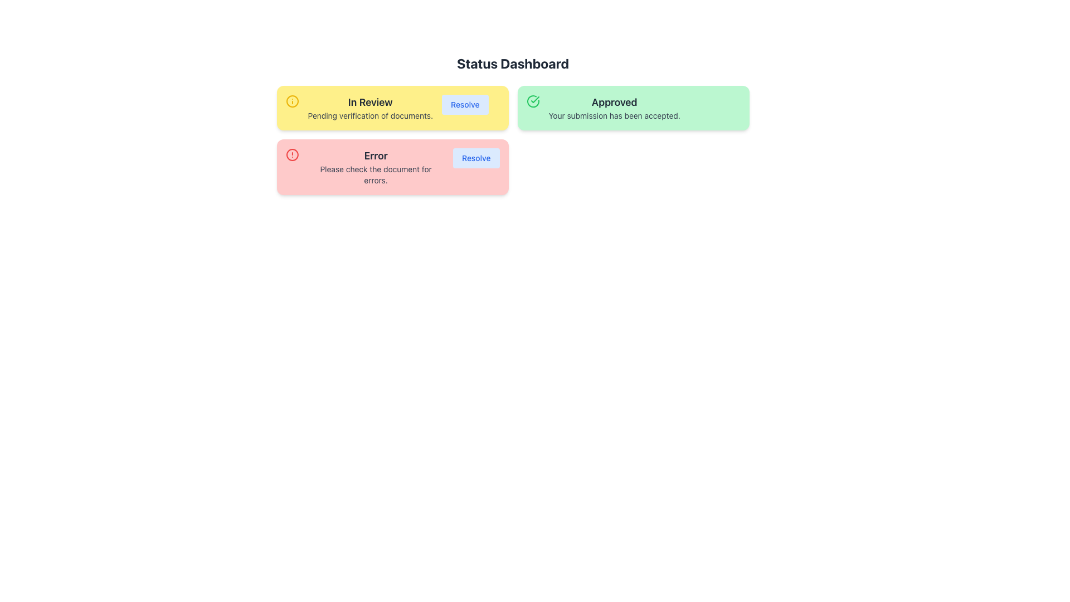 Image resolution: width=1070 pixels, height=602 pixels. What do you see at coordinates (535, 99) in the screenshot?
I see `the green checkmark icon located in the top-left corner of the 'Approved' status card, which is a thin, green-colored checkmark inside a larger green circular outline` at bounding box center [535, 99].